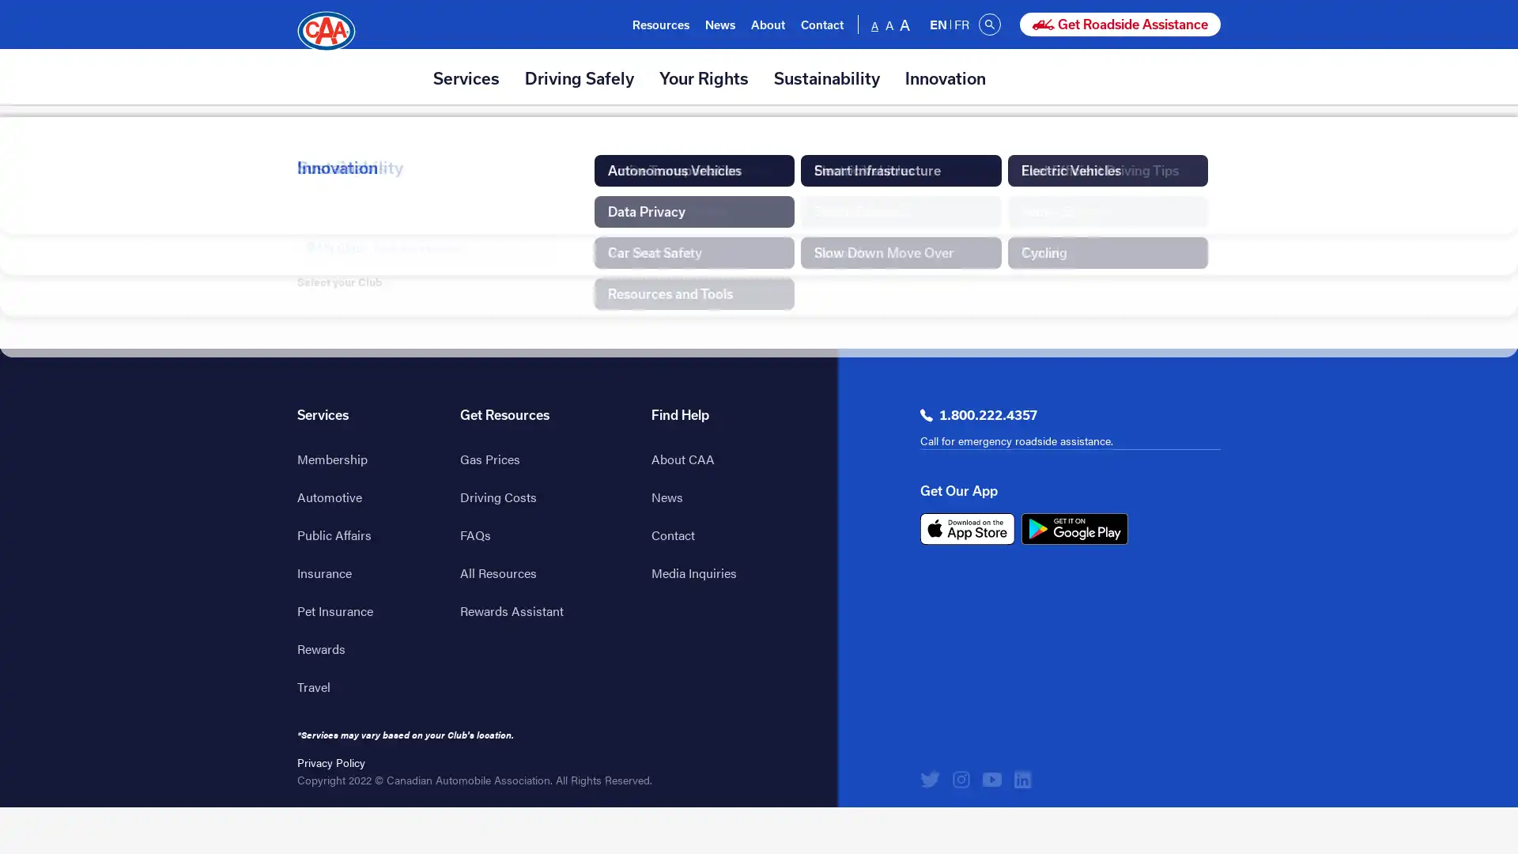 Image resolution: width=1518 pixels, height=854 pixels. What do you see at coordinates (989, 24) in the screenshot?
I see `Search` at bounding box center [989, 24].